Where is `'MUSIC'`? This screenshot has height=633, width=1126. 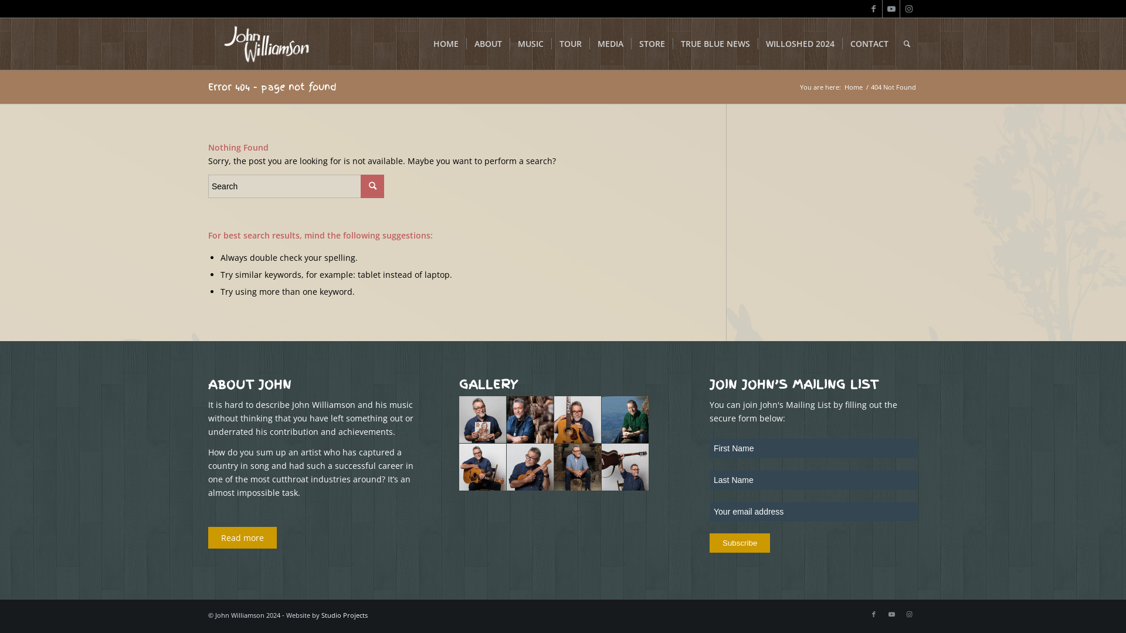
'MUSIC' is located at coordinates (530, 43).